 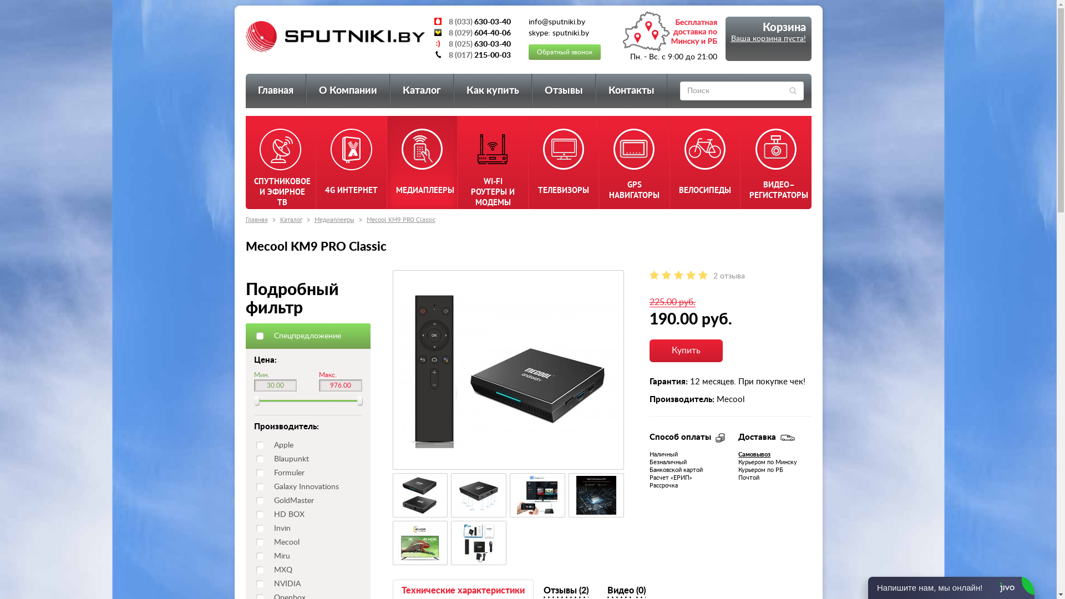 What do you see at coordinates (479, 495) in the screenshot?
I see `'Mecool KM9 PRO Classic'` at bounding box center [479, 495].